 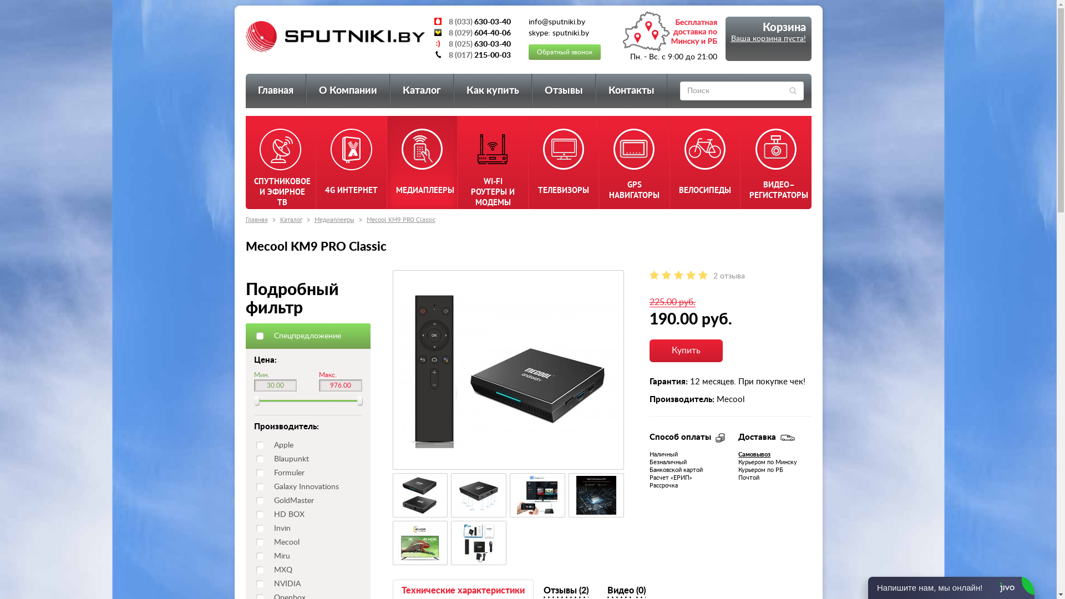 What do you see at coordinates (479, 495) in the screenshot?
I see `'Mecool KM9 PRO Classic'` at bounding box center [479, 495].